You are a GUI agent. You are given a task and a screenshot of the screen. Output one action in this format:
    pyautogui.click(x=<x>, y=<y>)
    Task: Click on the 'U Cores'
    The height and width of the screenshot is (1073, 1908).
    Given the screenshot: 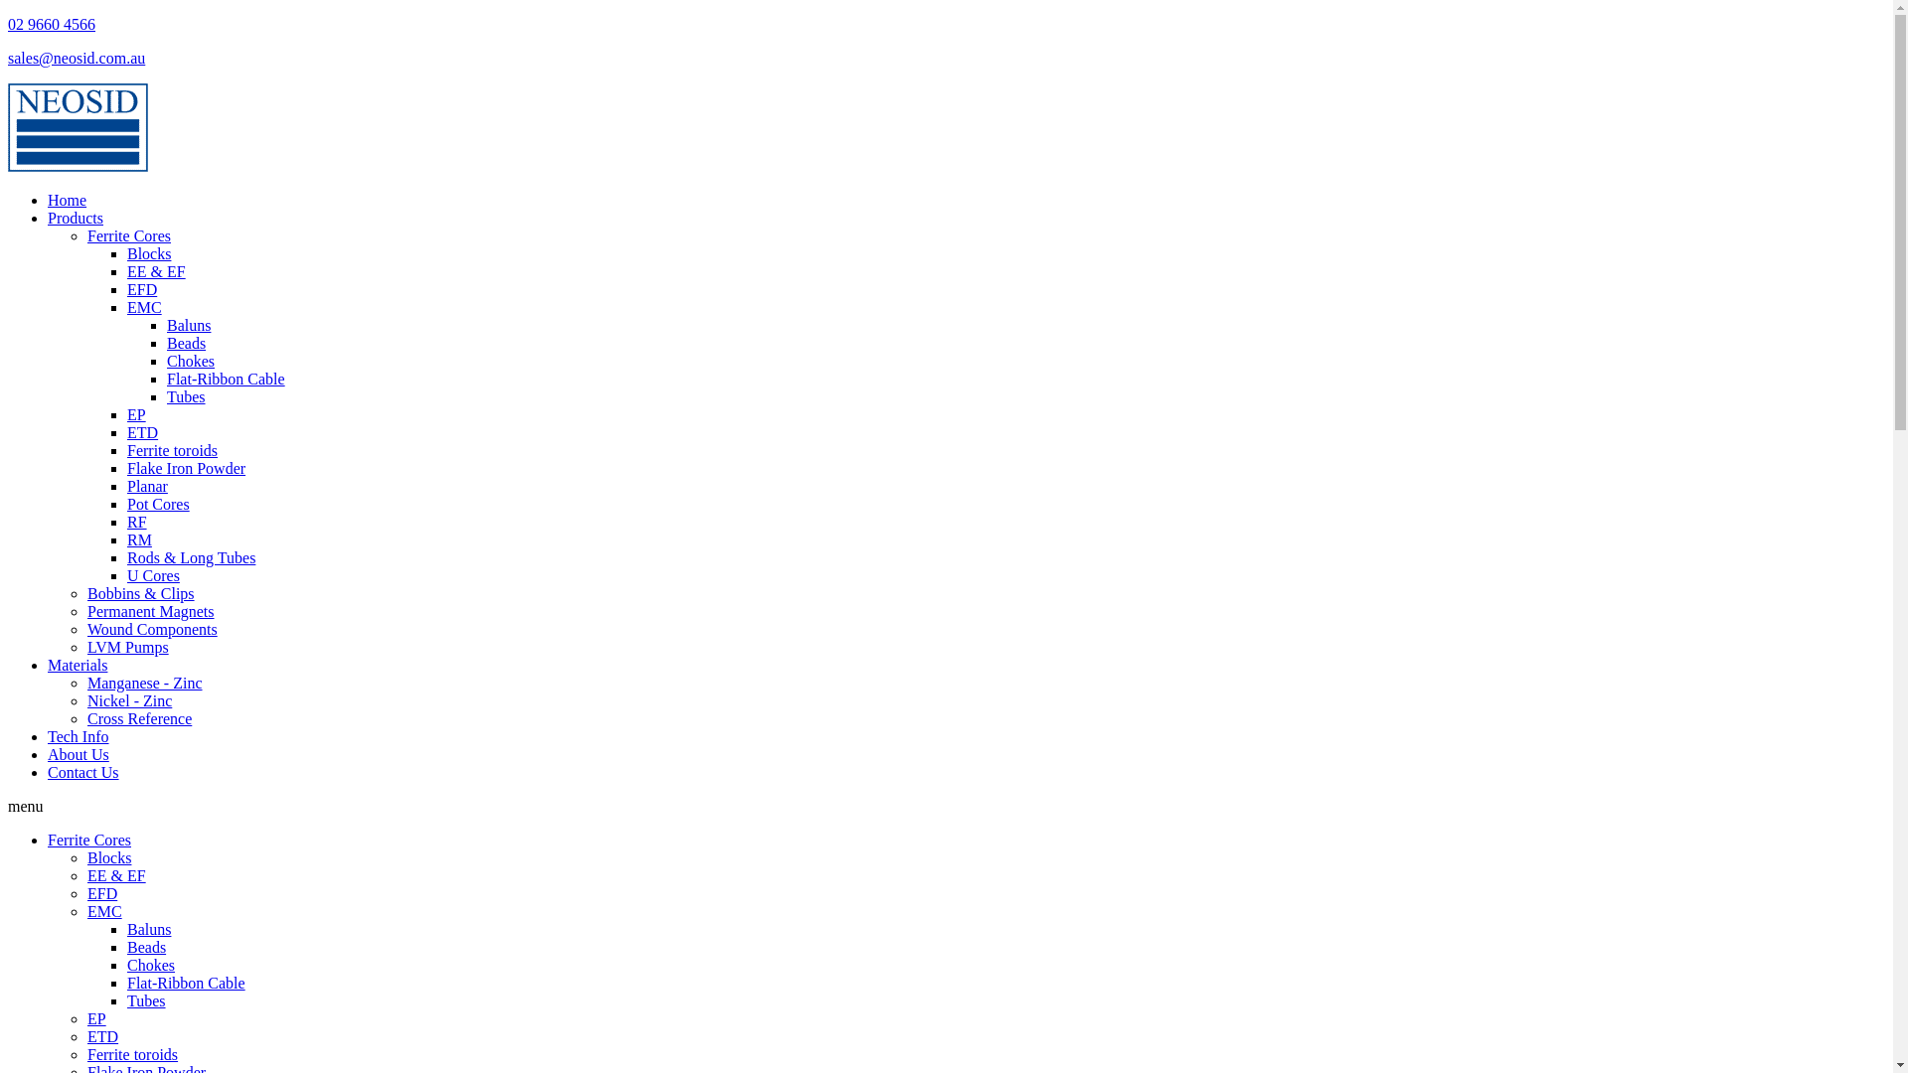 What is the action you would take?
    pyautogui.click(x=152, y=575)
    